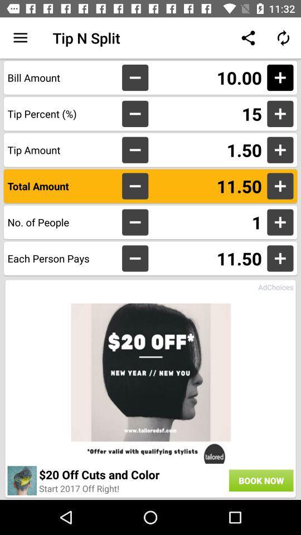 This screenshot has width=301, height=535. I want to click on the icon to the right of 20 off cuts icon, so click(261, 480).